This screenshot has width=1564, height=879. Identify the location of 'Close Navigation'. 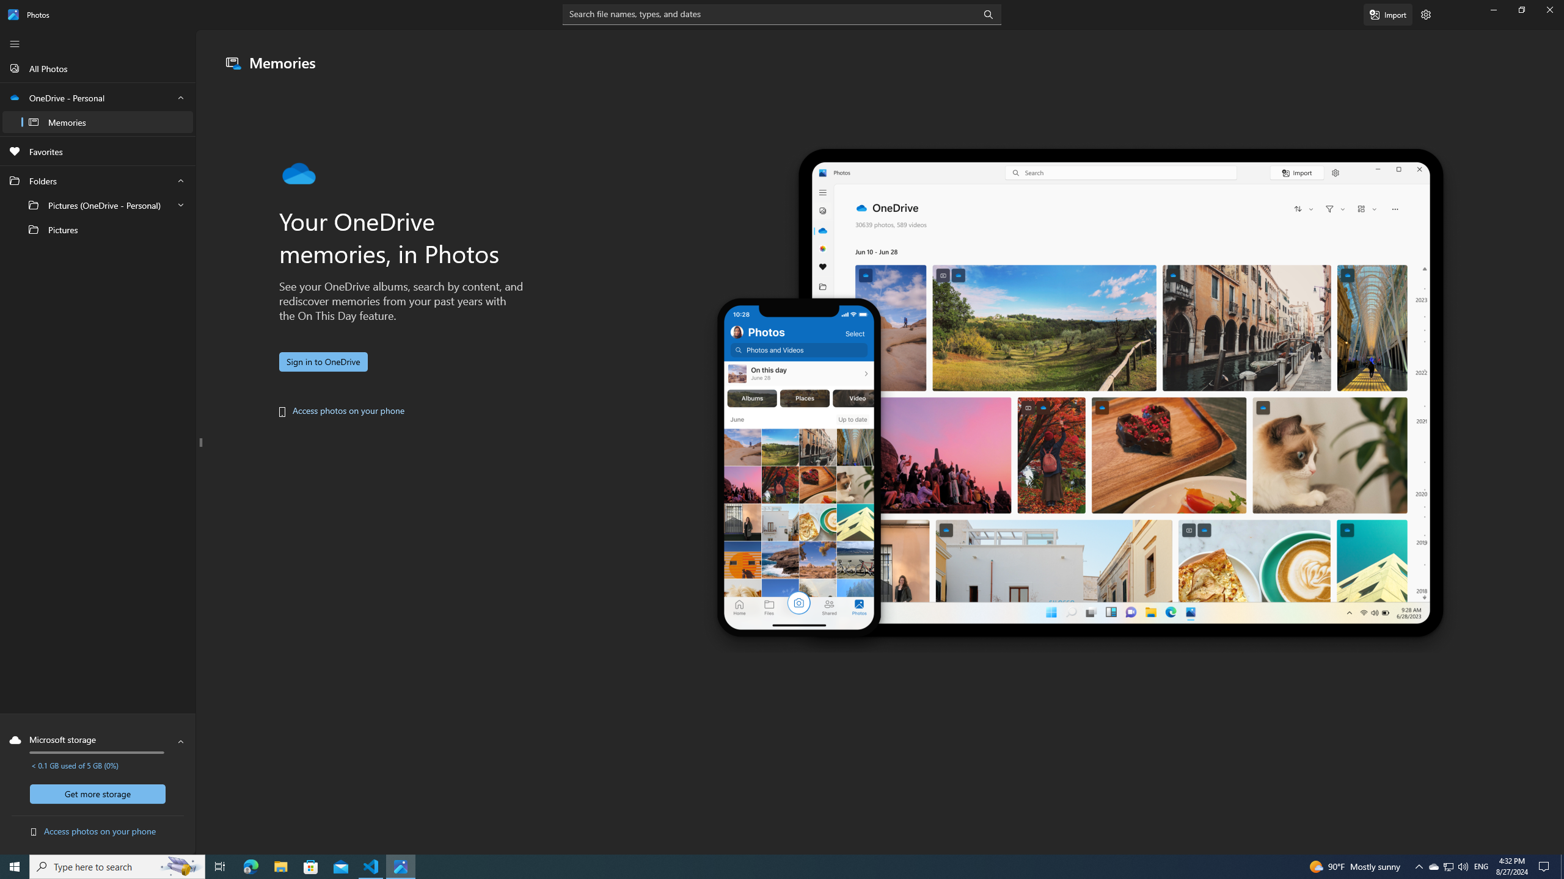
(15, 44).